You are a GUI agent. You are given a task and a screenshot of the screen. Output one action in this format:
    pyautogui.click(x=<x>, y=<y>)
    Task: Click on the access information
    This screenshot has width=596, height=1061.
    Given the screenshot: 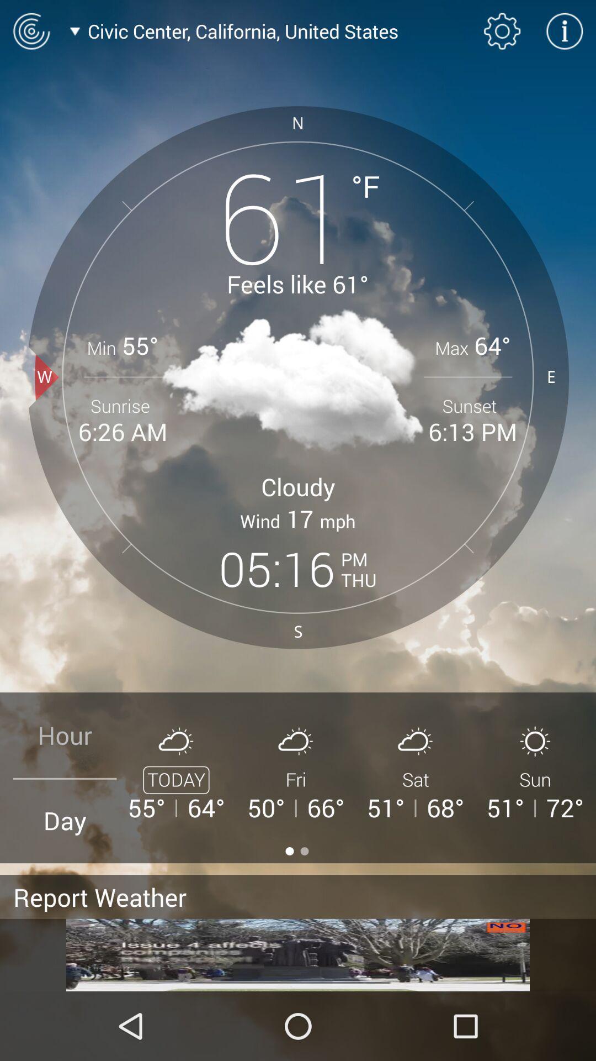 What is the action you would take?
    pyautogui.click(x=565, y=31)
    